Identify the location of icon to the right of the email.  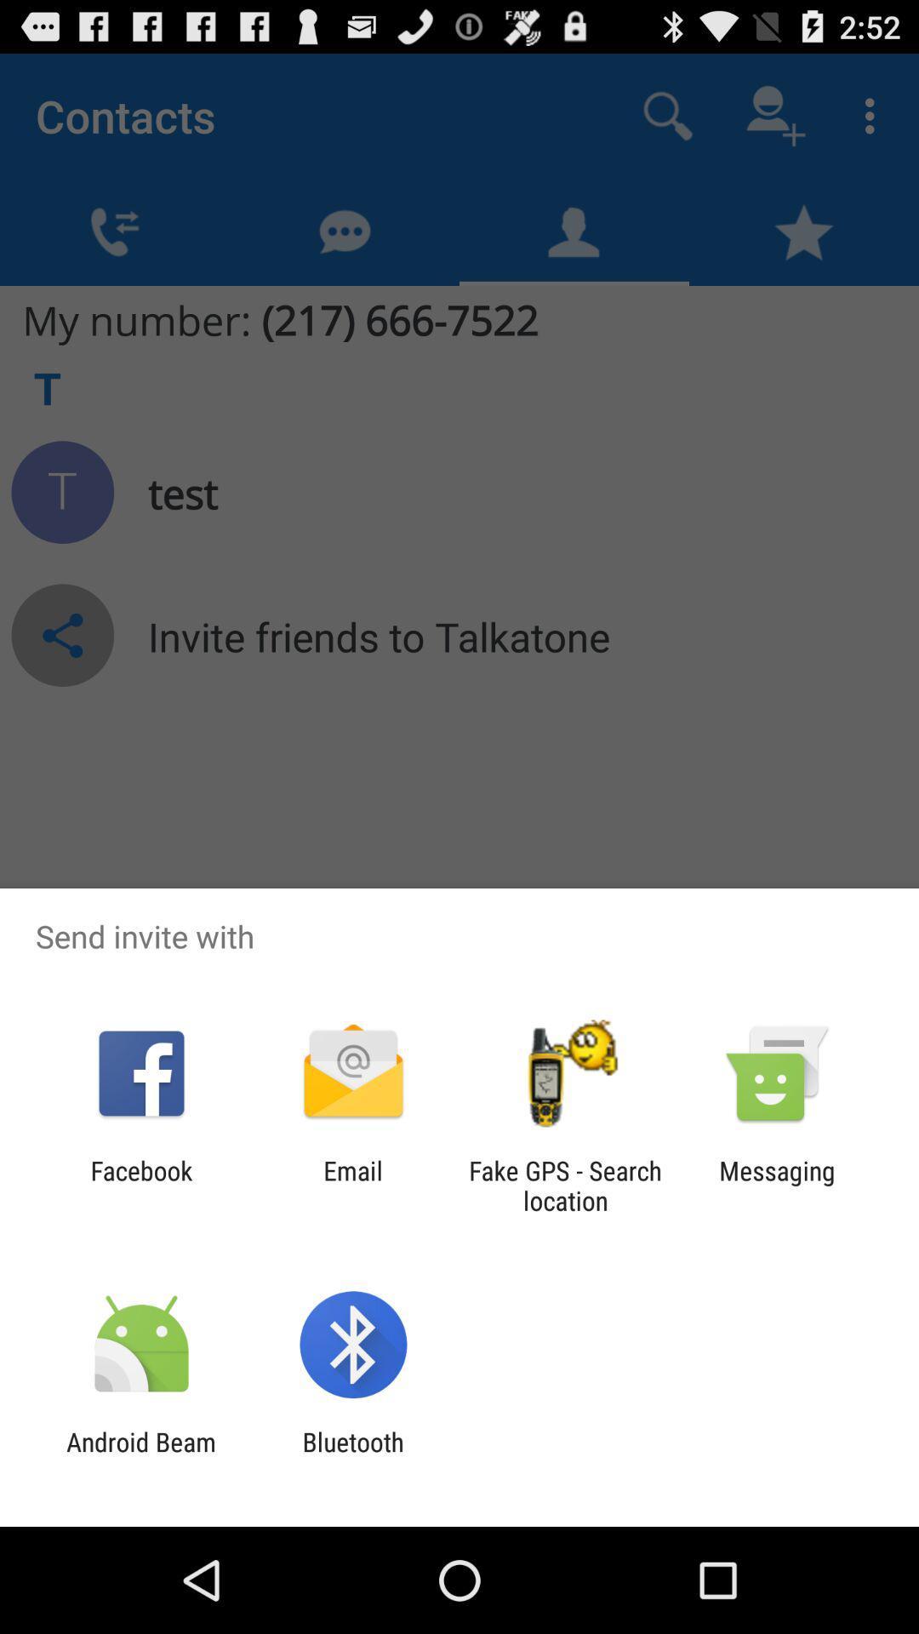
(565, 1185).